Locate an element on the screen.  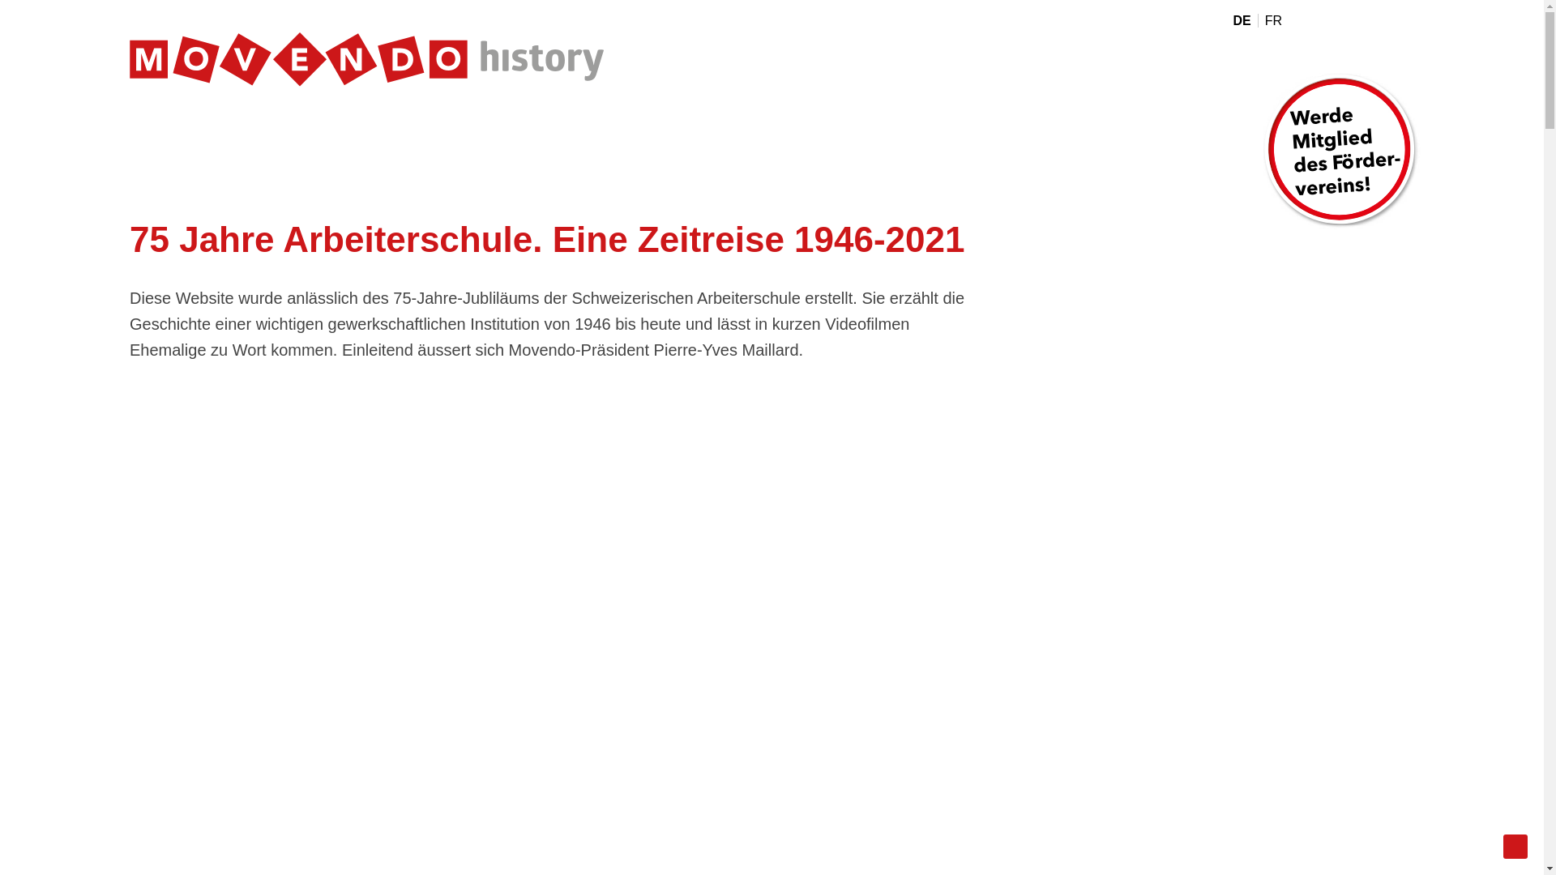
'DE' is located at coordinates (1244, 20).